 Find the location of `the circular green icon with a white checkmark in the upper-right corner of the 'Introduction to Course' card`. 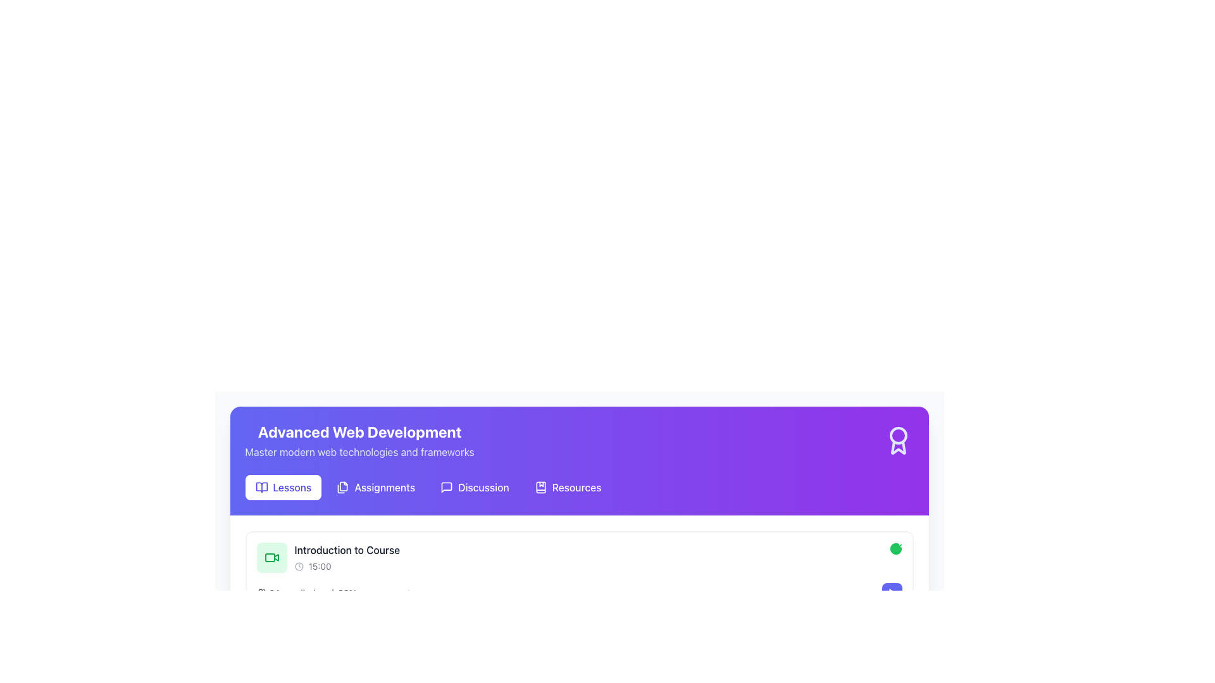

the circular green icon with a white checkmark in the upper-right corner of the 'Introduction to Course' card is located at coordinates (895, 548).